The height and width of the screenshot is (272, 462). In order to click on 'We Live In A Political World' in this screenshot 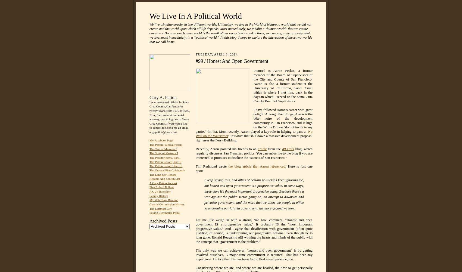, I will do `click(195, 16)`.